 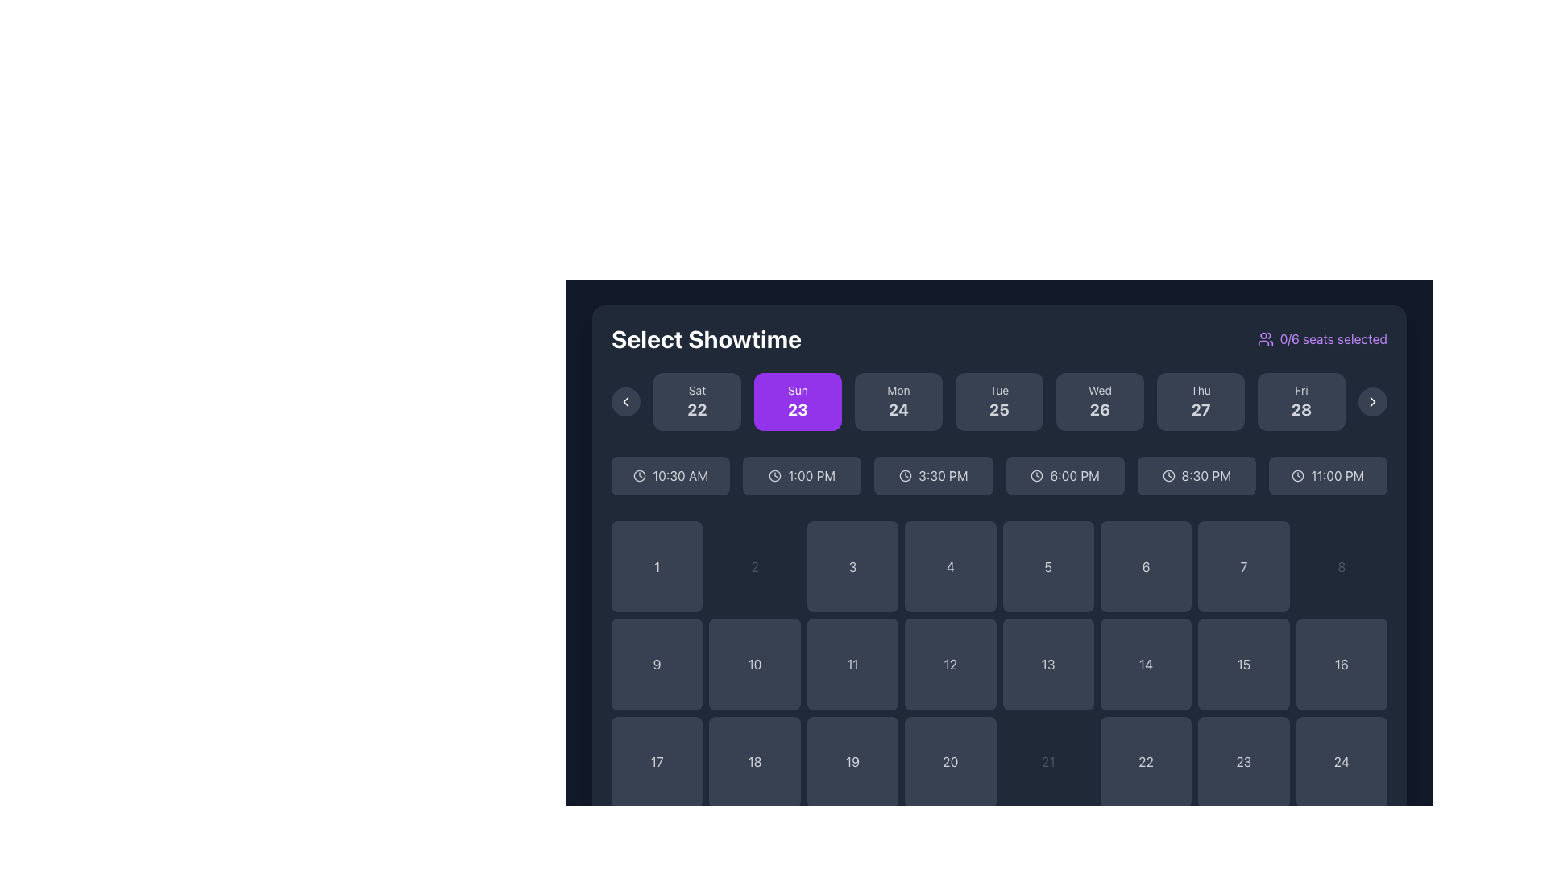 I want to click on the selectable time slot button labeled '6:00 PM', so click(x=1065, y=474).